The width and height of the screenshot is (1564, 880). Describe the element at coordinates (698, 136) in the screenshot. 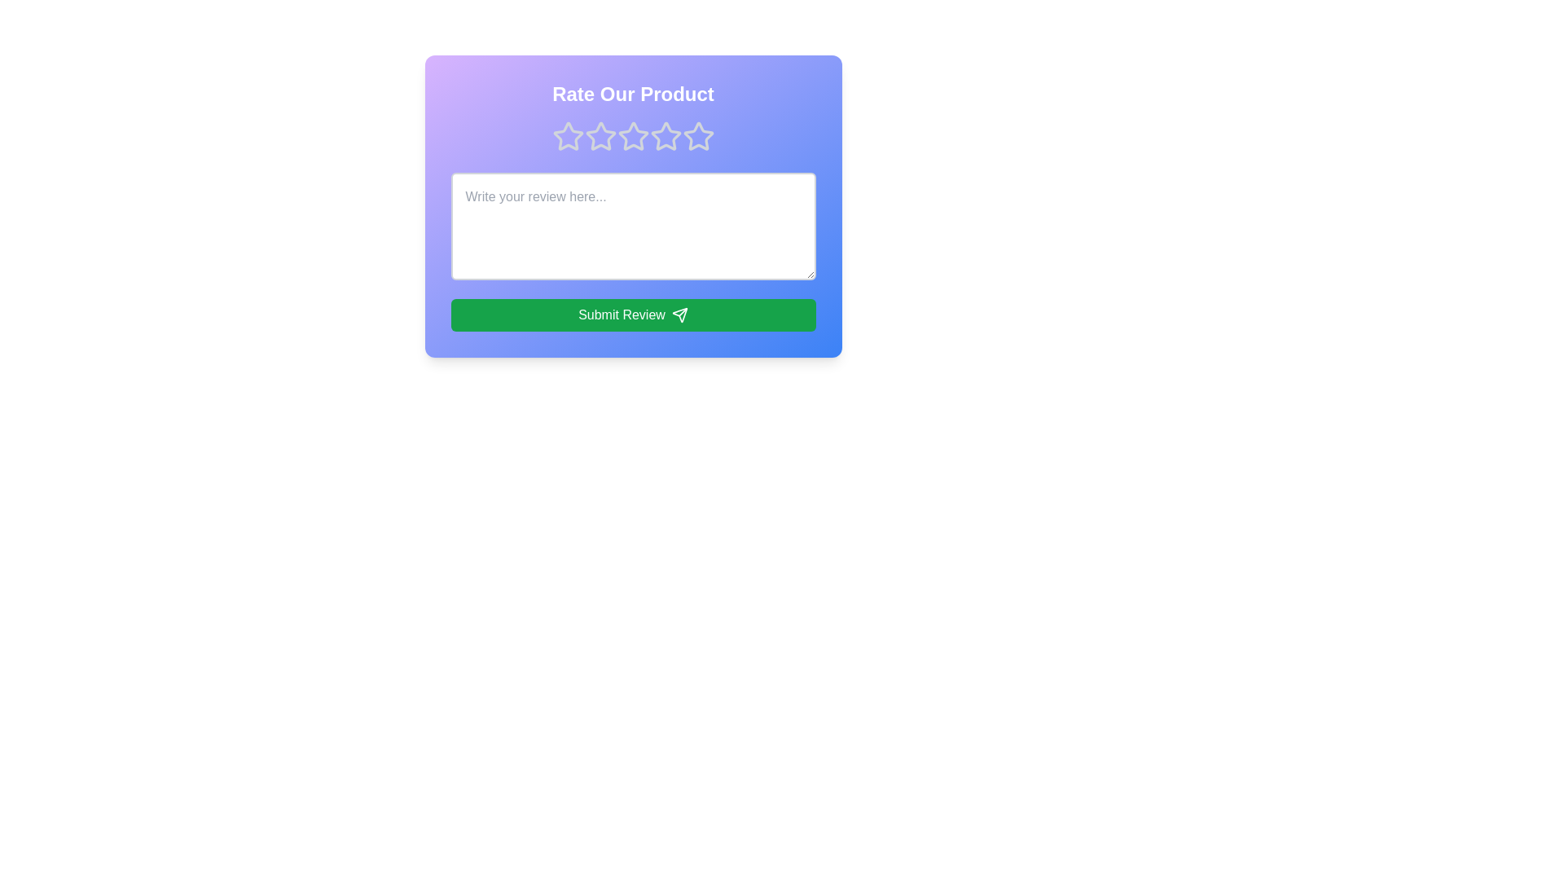

I see `the fifth star icon in the rating system to assign a 5-star rating` at that location.